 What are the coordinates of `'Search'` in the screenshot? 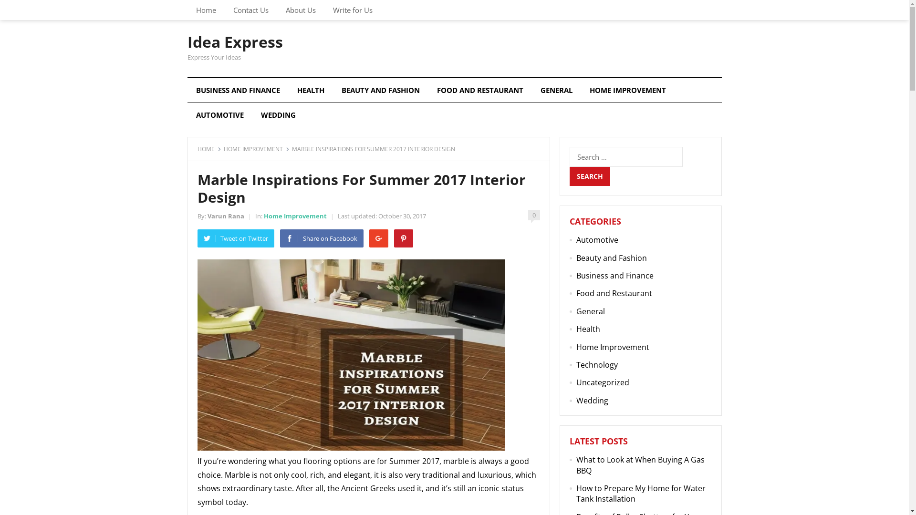 It's located at (570, 176).